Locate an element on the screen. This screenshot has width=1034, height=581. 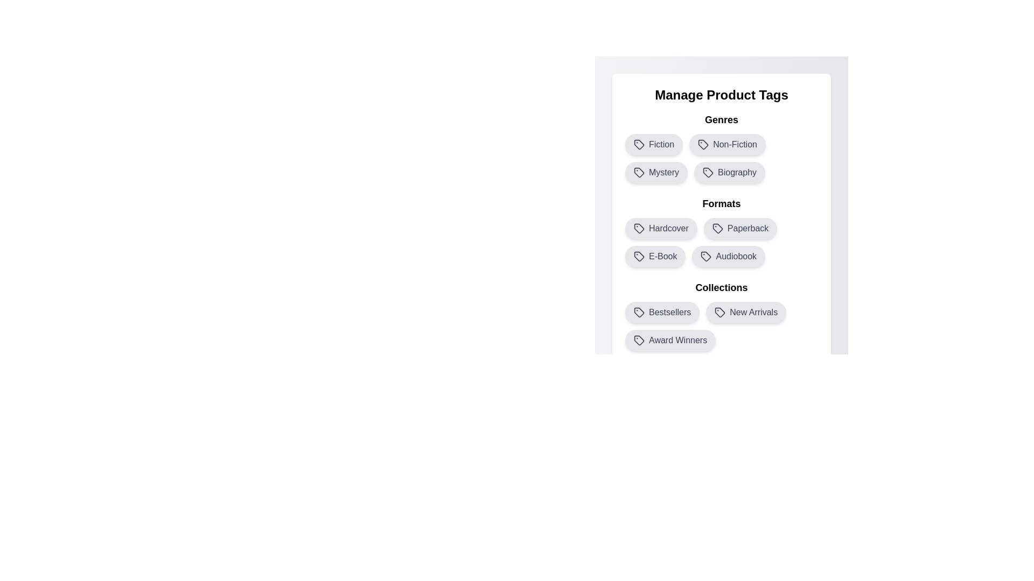
the tag icon representing 'Biography' in the 'Genres' section is located at coordinates (708, 172).